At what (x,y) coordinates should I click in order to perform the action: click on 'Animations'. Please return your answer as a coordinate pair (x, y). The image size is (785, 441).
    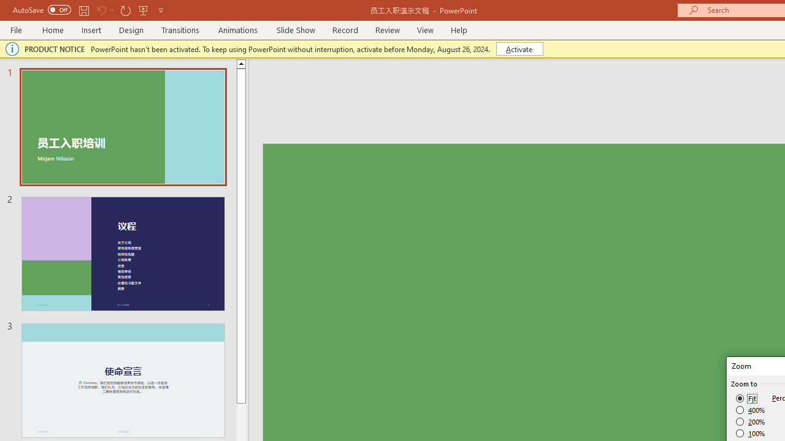
    Looking at the image, I should click on (238, 29).